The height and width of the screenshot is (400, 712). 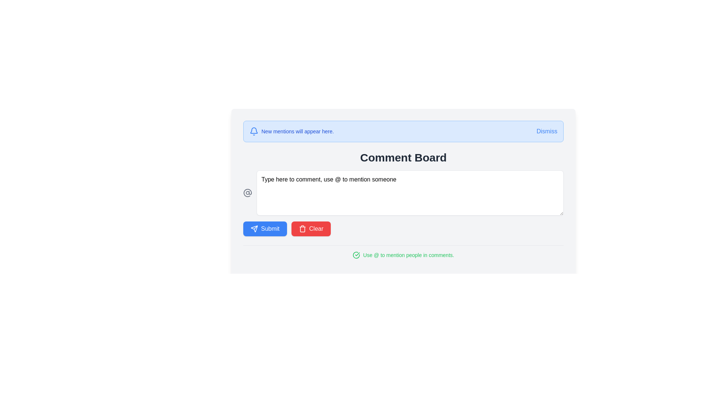 What do you see at coordinates (247, 192) in the screenshot?
I see `the mention icon located in the mid-left section of the comment input box area` at bounding box center [247, 192].